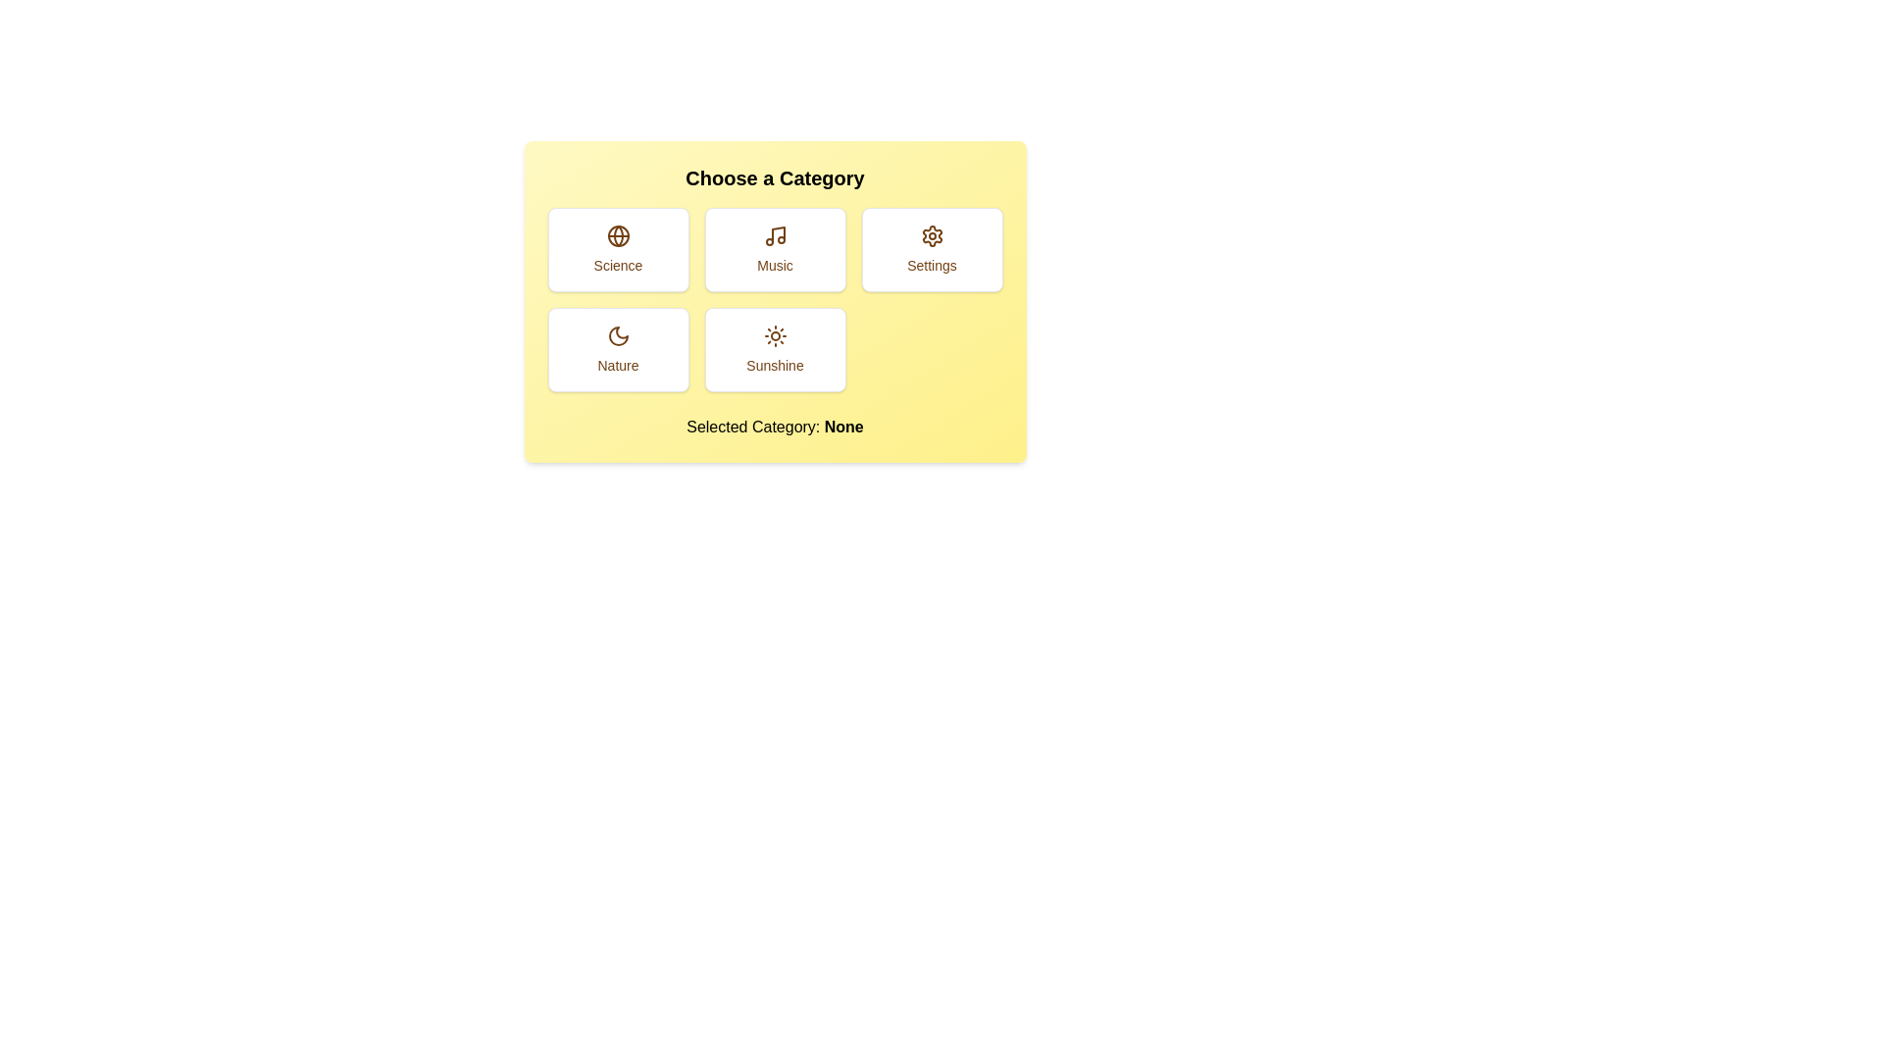 Image resolution: width=1883 pixels, height=1059 pixels. I want to click on the 'Nature' category button-like interactive card located in the second row and first column of the grid layout, so click(617, 349).